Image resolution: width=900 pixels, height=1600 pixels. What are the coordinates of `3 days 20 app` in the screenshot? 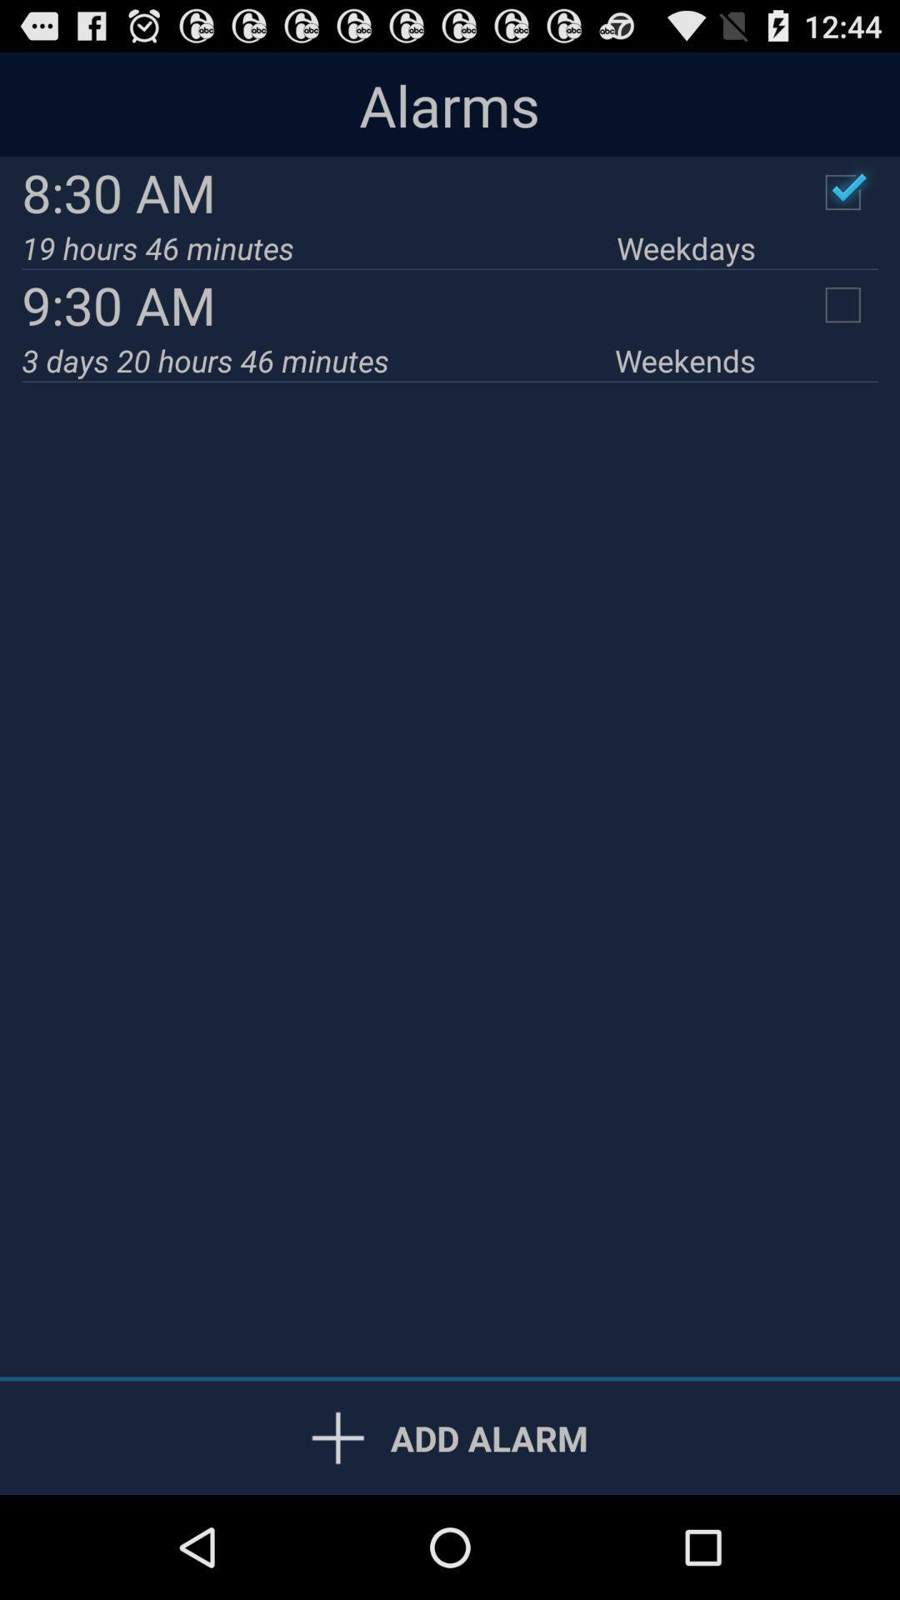 It's located at (318, 359).